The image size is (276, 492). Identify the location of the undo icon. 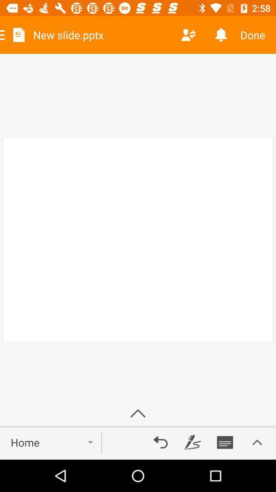
(160, 442).